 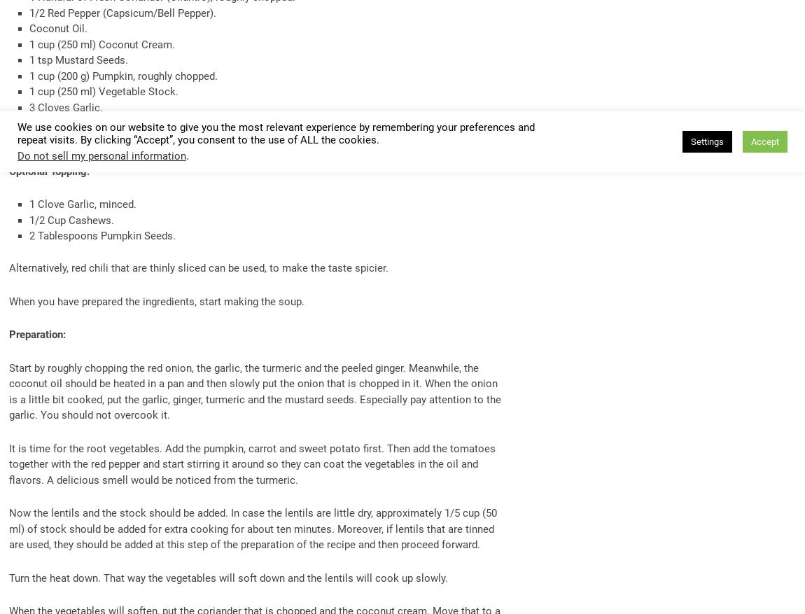 What do you see at coordinates (252, 463) in the screenshot?
I see `'It is time for the root vegetables. Add the pumpkin, carrot and sweet potato first. Then add the tomatoes together with the red pepper and start stirring it around so they can coat the vegetables in the oil and flavors. A delicious smell would be noticed from the turmeric.'` at bounding box center [252, 463].